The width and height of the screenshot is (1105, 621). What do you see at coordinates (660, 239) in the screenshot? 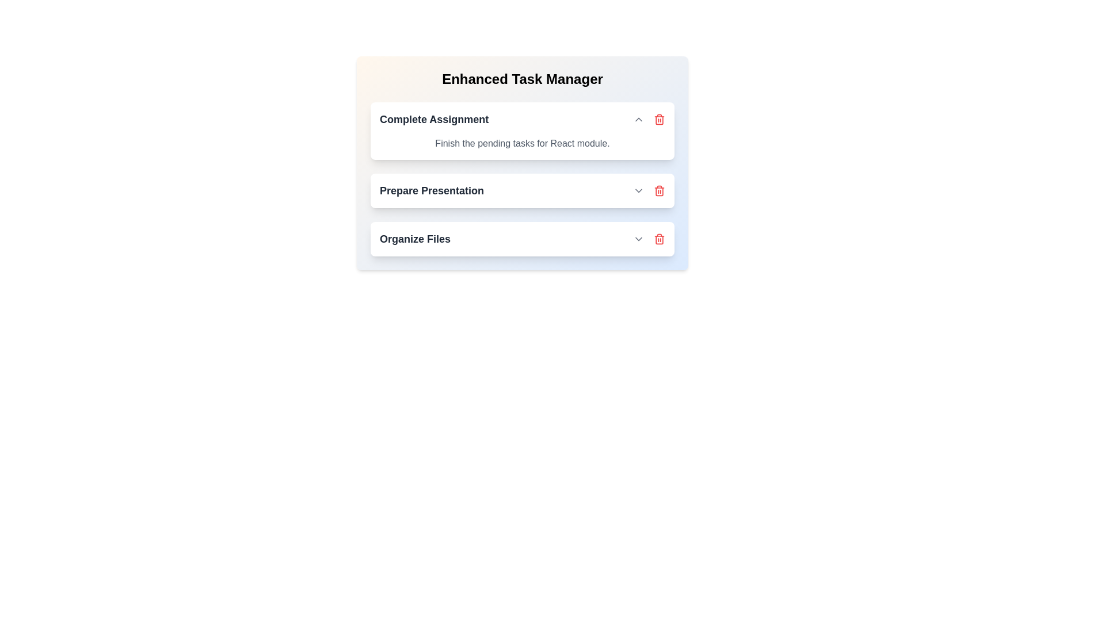
I see `the task titled Organize Files` at bounding box center [660, 239].